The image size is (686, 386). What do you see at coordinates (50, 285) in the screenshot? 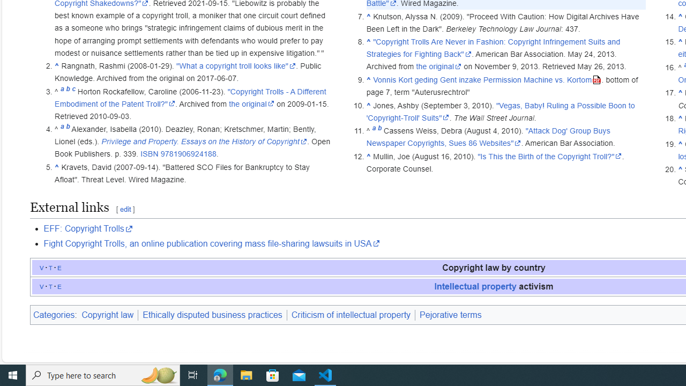
I see `'t'` at bounding box center [50, 285].